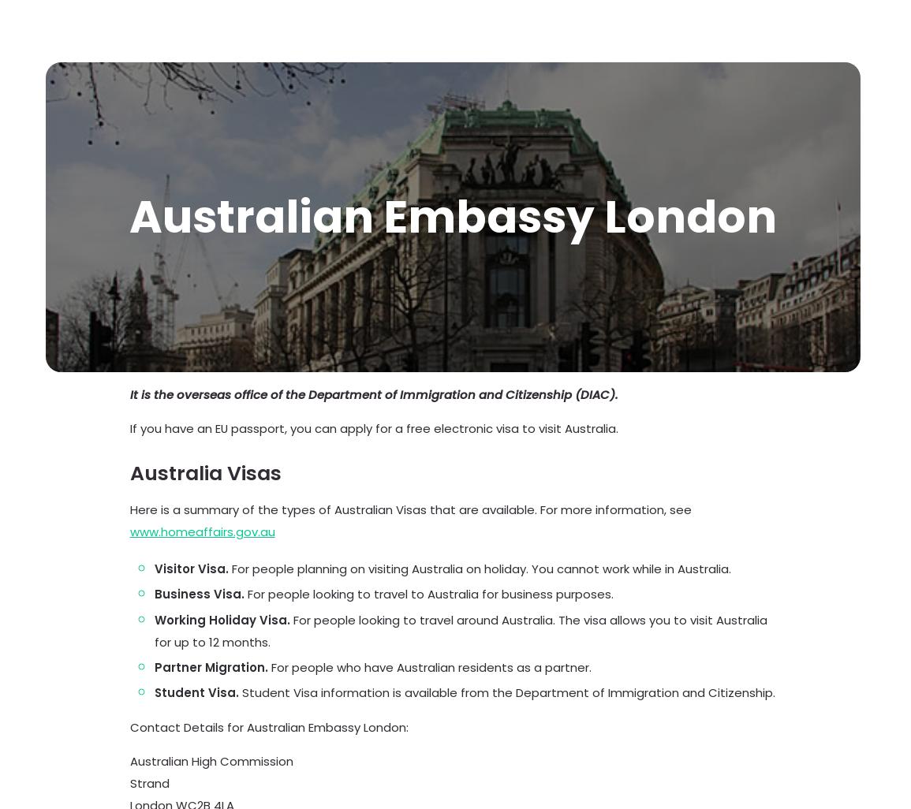 This screenshot has height=809, width=911. I want to click on 'The Australian Embassy, London, is open from 9:00 am to 5:00 pm, Monday to Friday.', so click(129, 81).